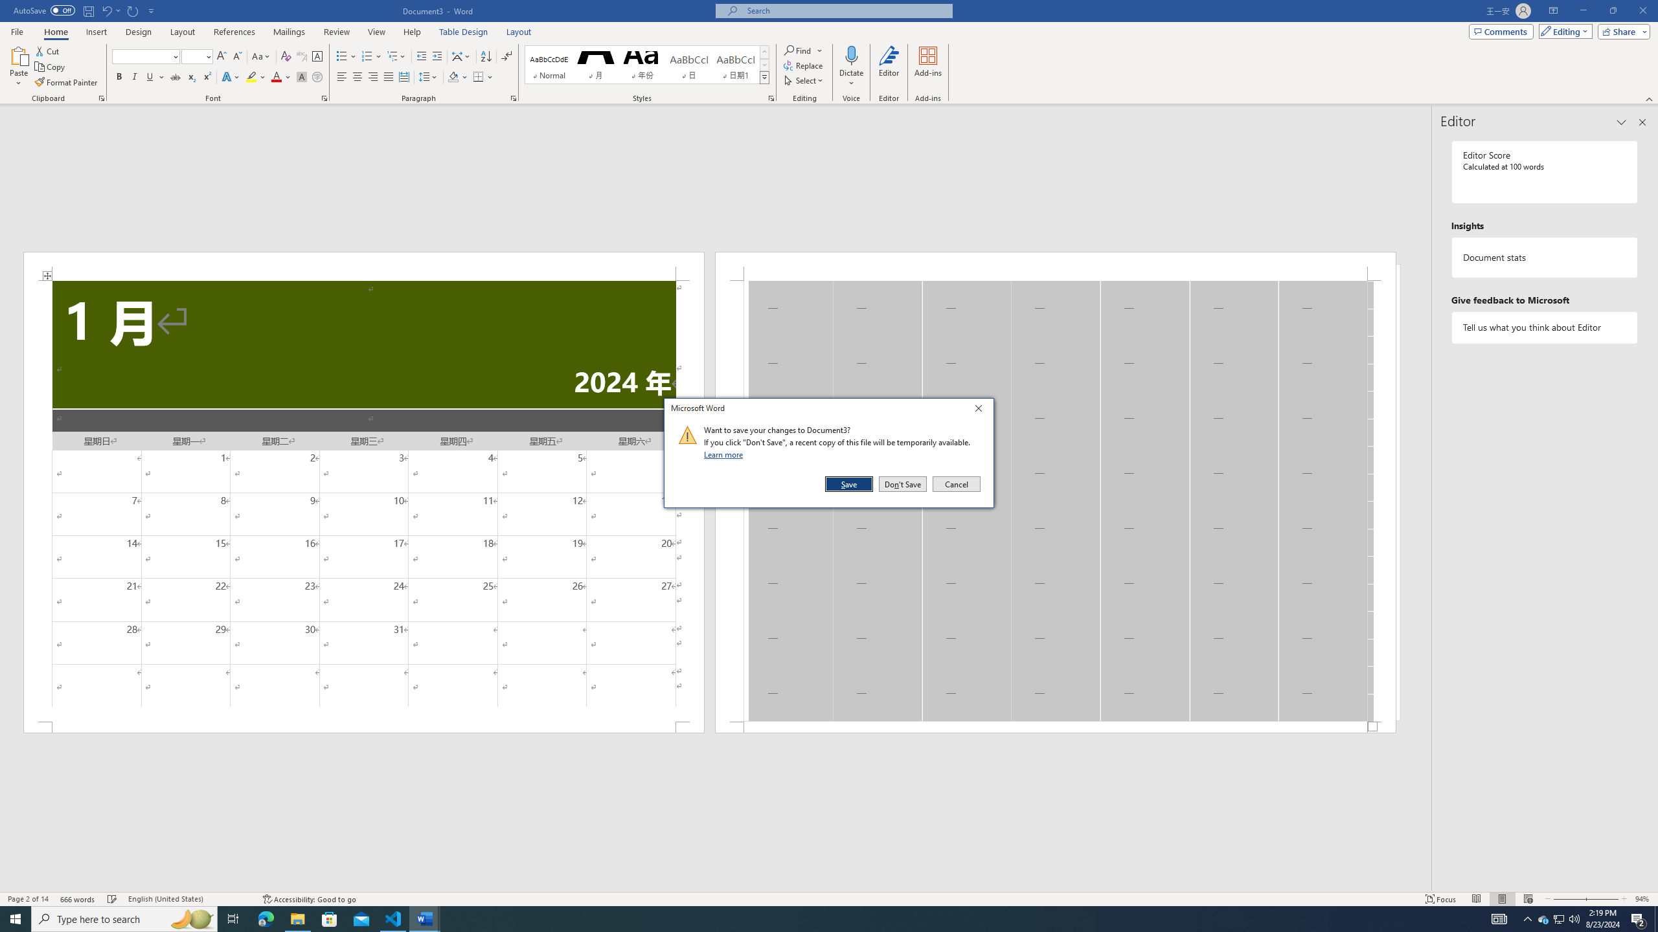 This screenshot has height=932, width=1658. What do you see at coordinates (817, 918) in the screenshot?
I see `'Running applications'` at bounding box center [817, 918].